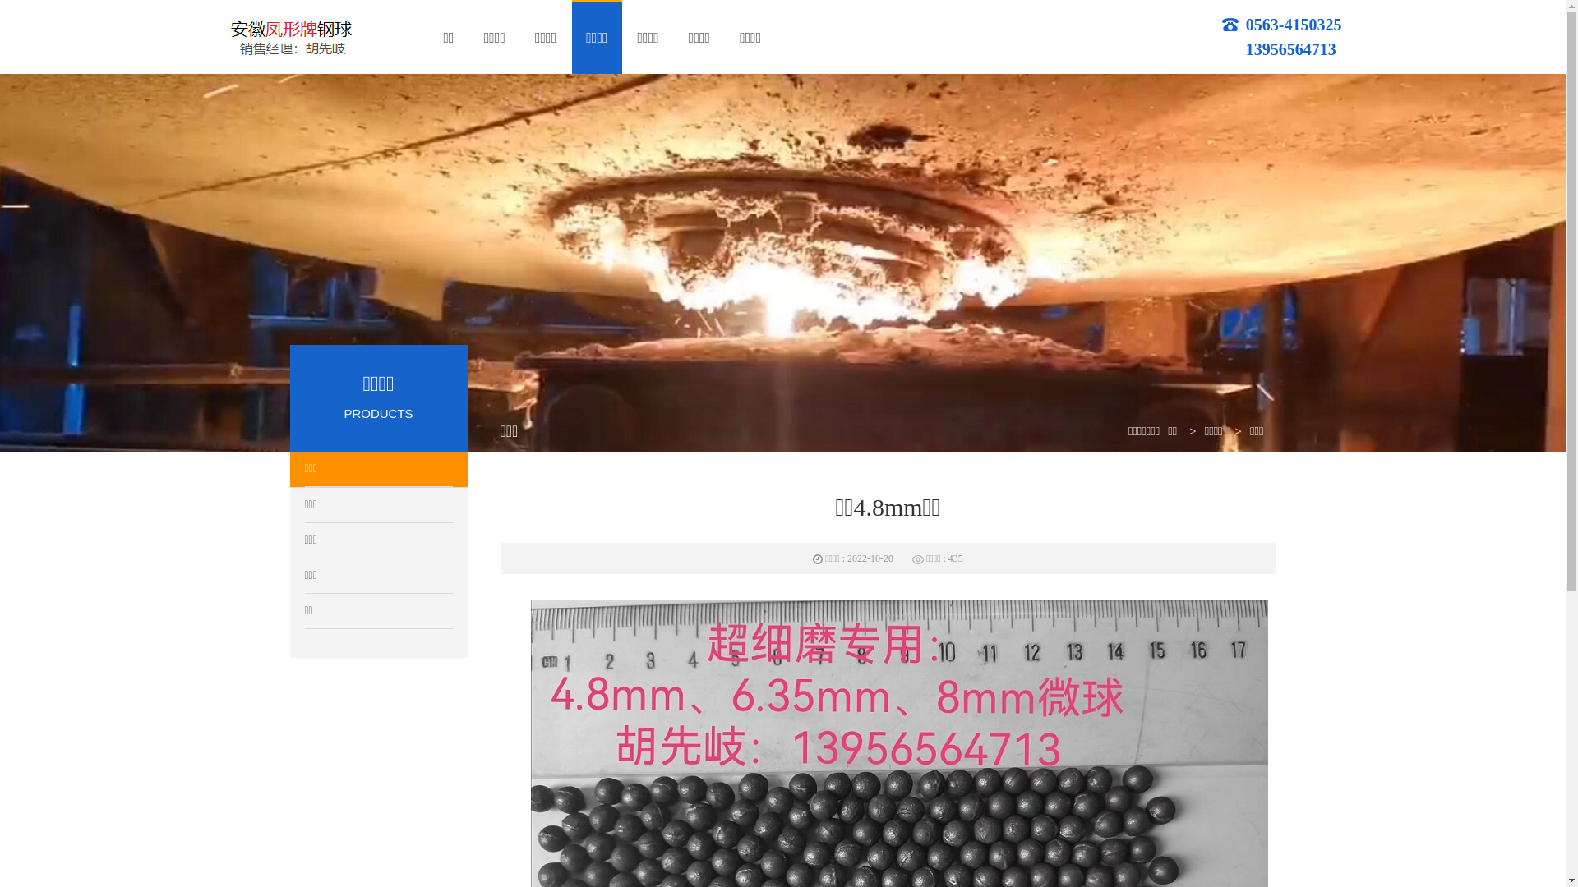 Image resolution: width=1578 pixels, height=887 pixels. What do you see at coordinates (289, 36) in the screenshot?
I see `'logo'` at bounding box center [289, 36].